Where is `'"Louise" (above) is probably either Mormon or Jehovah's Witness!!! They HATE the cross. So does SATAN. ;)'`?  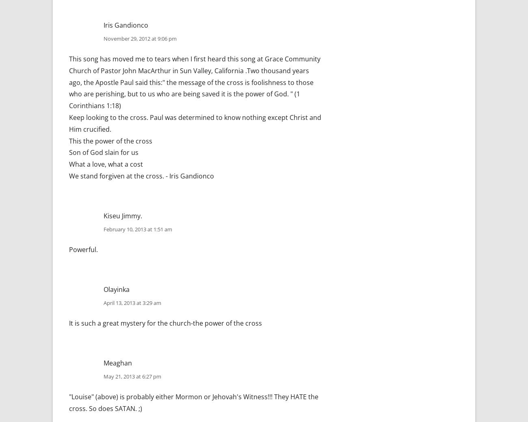
'"Louise" (above) is probably either Mormon or Jehovah's Witness!!! They HATE the cross. So does SATAN. ;)' is located at coordinates (193, 402).